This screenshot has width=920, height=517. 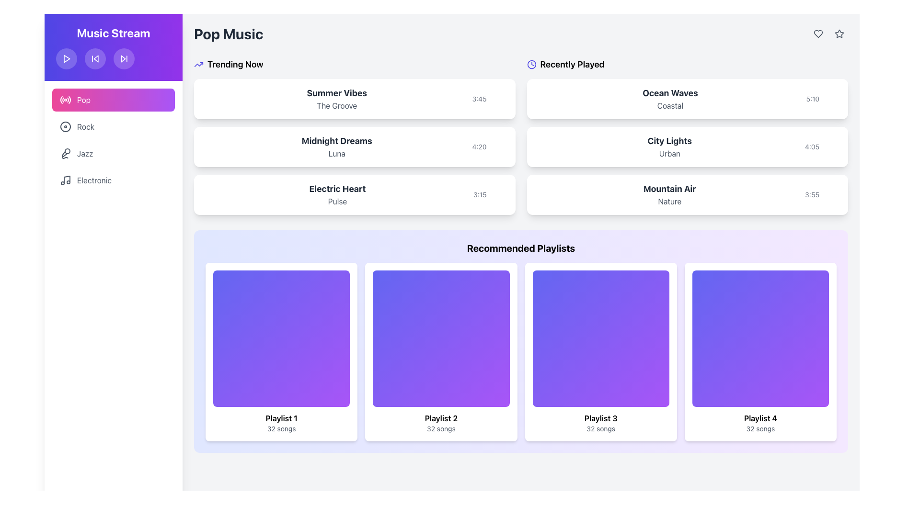 I want to click on the 'play' button located next to the track labeled 'Ocean Waves' in the top-right corner of the 'Recently Played' list section, so click(x=832, y=99).